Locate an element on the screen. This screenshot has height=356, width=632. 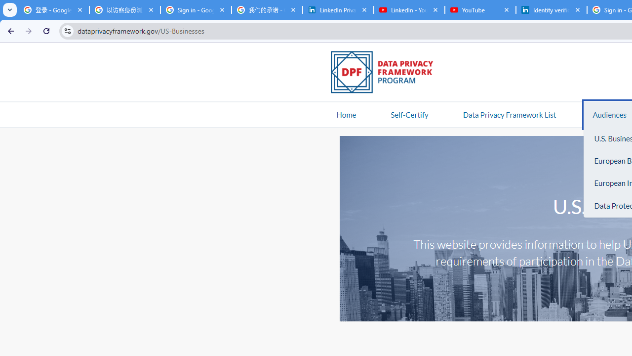
'Sign in - Google Accounts' is located at coordinates (196, 10).